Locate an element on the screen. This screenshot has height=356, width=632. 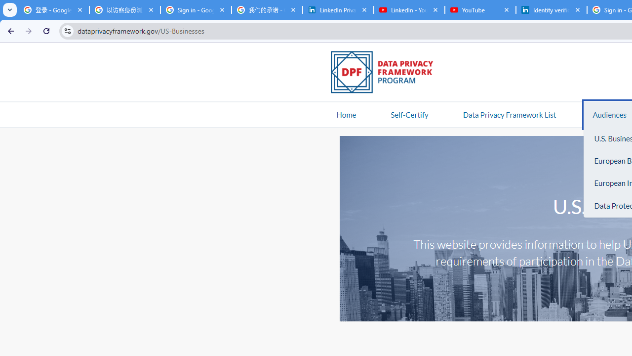
'Sign in - Google Accounts' is located at coordinates (196, 10).